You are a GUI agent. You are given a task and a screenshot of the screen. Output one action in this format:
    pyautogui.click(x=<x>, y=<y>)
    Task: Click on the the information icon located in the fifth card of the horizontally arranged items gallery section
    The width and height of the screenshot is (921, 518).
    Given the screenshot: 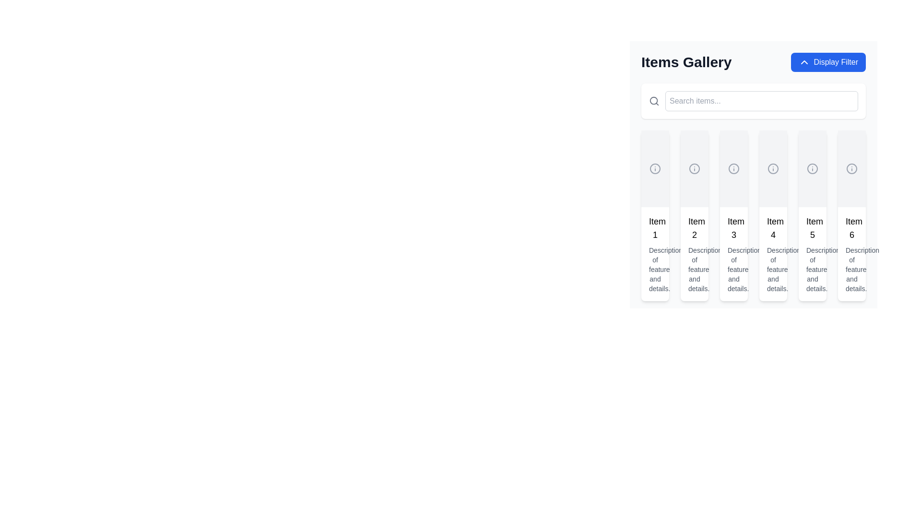 What is the action you would take?
    pyautogui.click(x=812, y=168)
    